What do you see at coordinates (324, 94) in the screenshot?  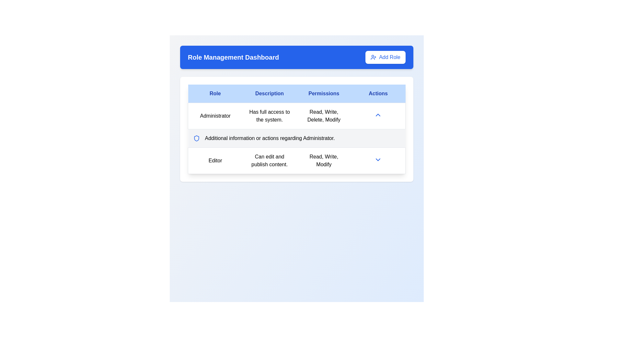 I see `the text label 'Permissions' which is styled with a blue font and is part of the header row in the table, located centrally aligned at the top` at bounding box center [324, 94].